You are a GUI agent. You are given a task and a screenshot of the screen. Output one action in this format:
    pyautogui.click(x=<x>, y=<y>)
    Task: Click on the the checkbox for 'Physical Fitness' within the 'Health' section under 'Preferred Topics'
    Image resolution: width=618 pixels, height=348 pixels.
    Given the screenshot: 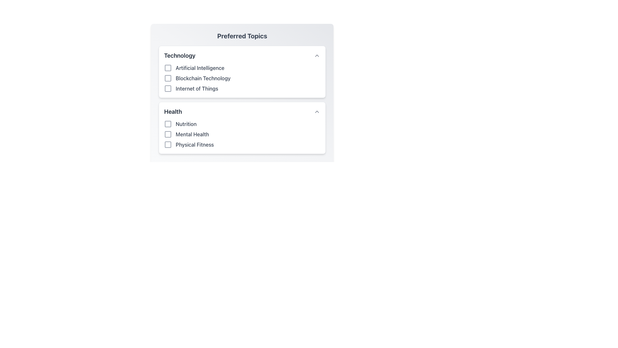 What is the action you would take?
    pyautogui.click(x=168, y=144)
    